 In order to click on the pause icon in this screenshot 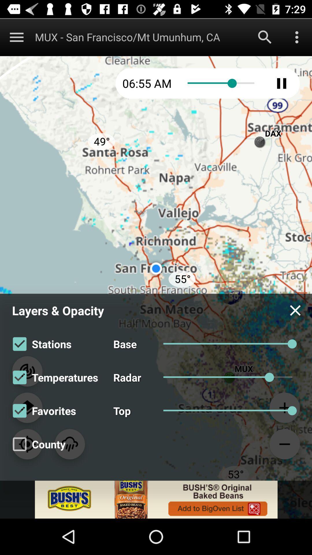, I will do `click(281, 83)`.